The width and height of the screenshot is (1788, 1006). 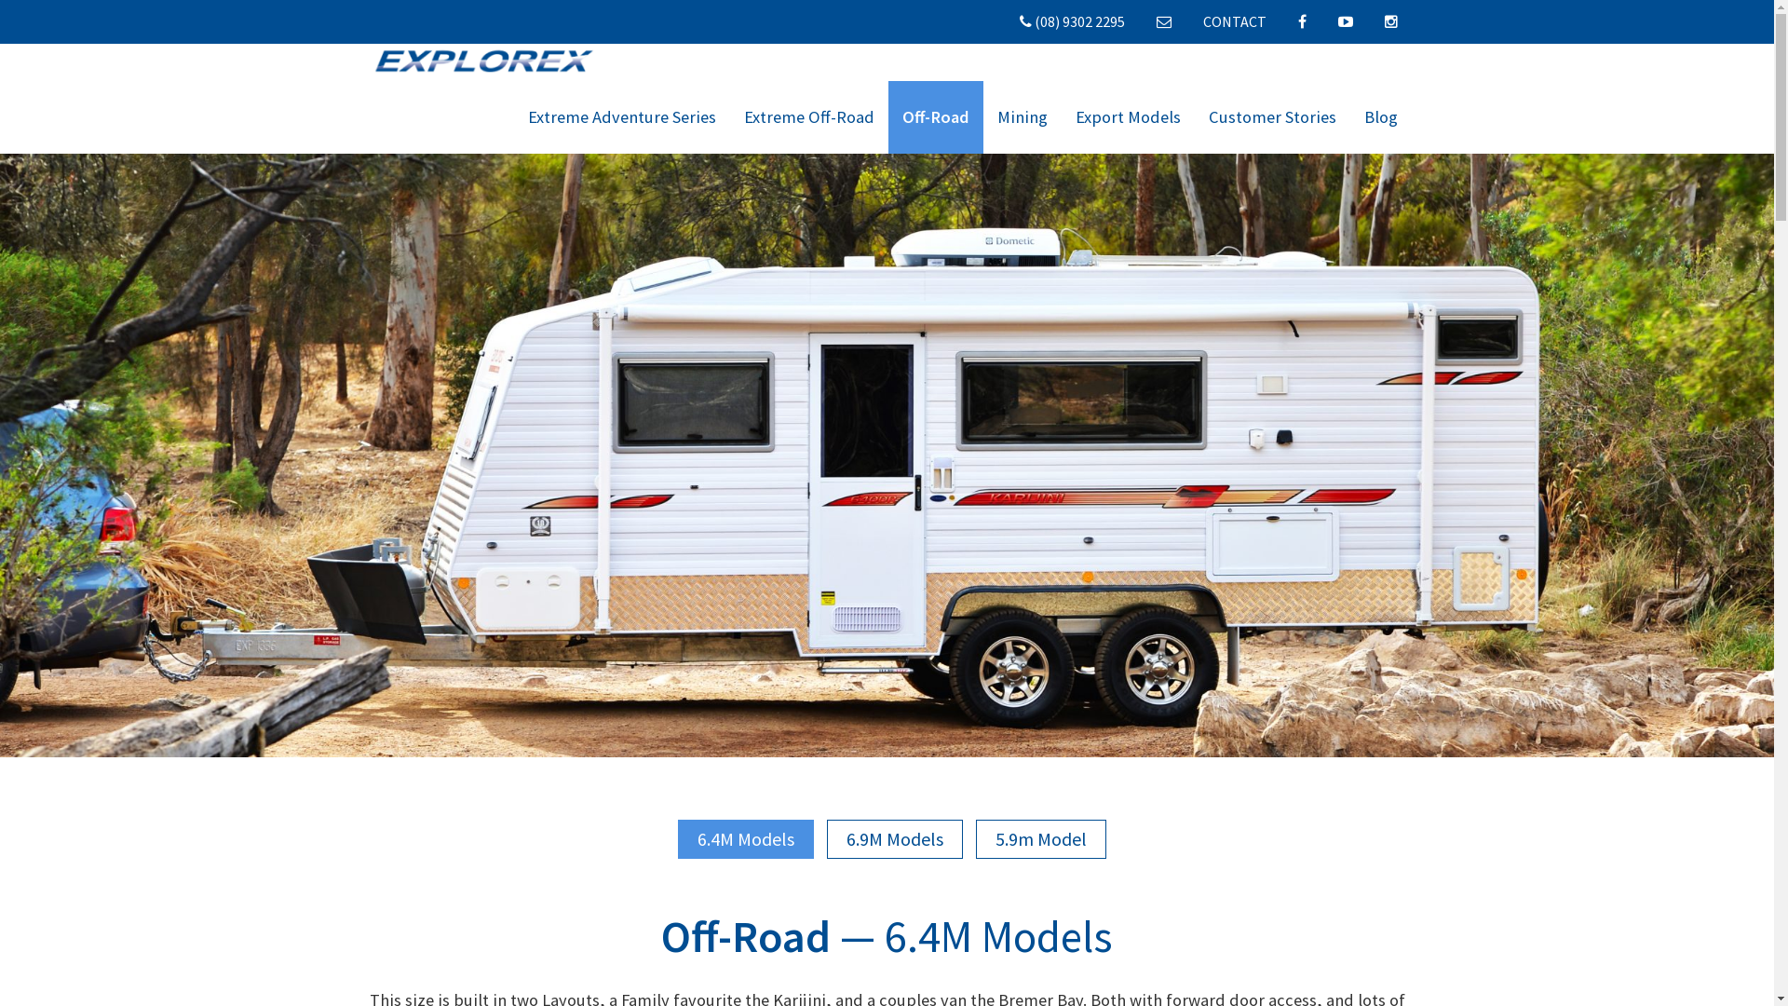 What do you see at coordinates (746, 839) in the screenshot?
I see `'6.4M Models'` at bounding box center [746, 839].